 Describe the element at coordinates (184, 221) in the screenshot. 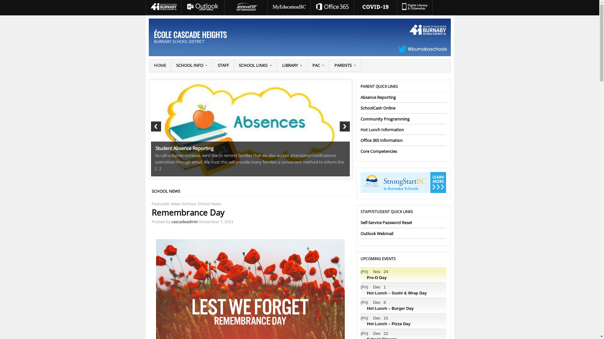

I see `'cascadeadmin'` at that location.